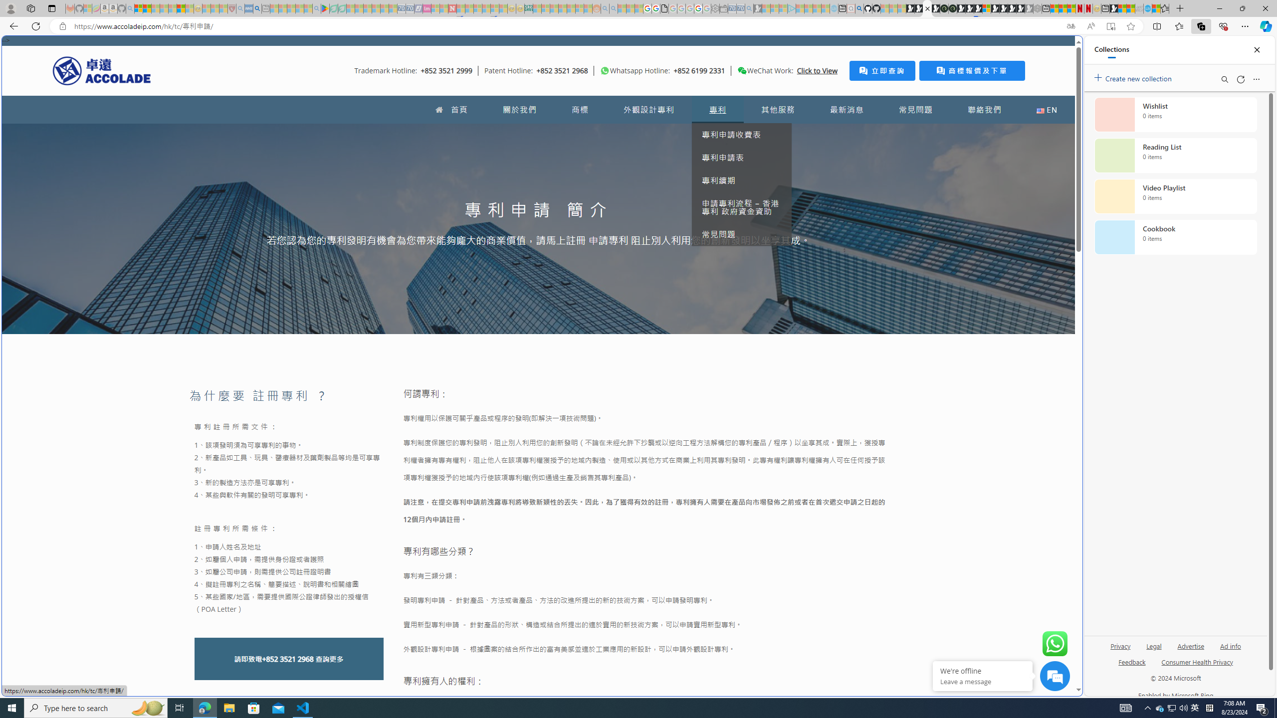 The height and width of the screenshot is (718, 1277). Describe the element at coordinates (101, 70) in the screenshot. I see `'Accolade IP HK Logo'` at that location.